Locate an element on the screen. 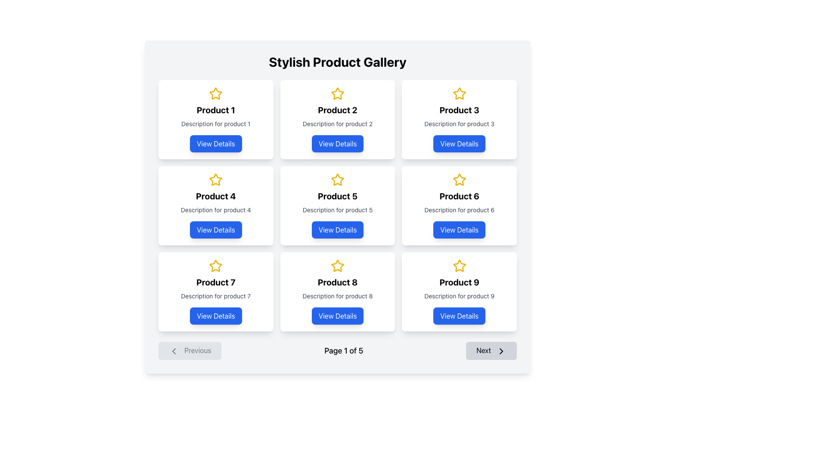 The height and width of the screenshot is (465, 827). the Star-shaped icon representing the rating or favorite marker for 'Product 4' in the product grid is located at coordinates (216, 179).